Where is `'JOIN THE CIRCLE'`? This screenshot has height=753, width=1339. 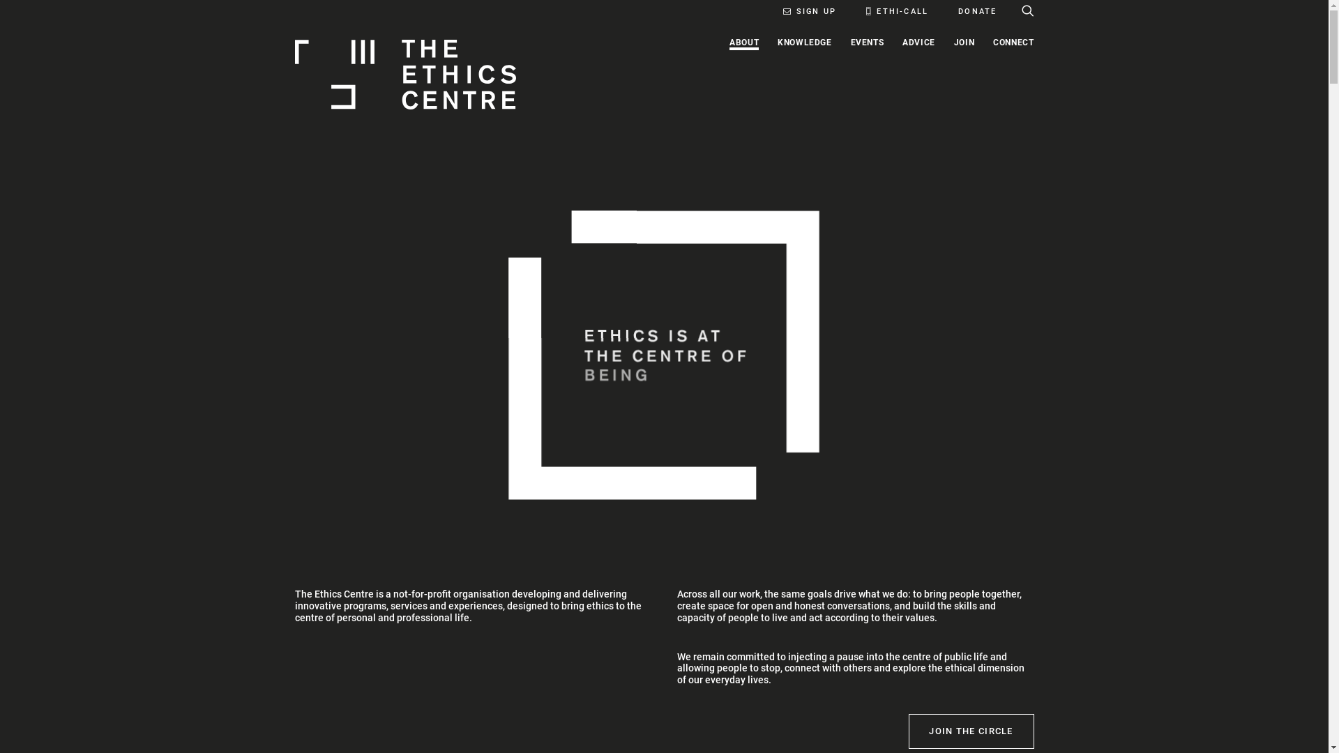
'JOIN THE CIRCLE' is located at coordinates (970, 731).